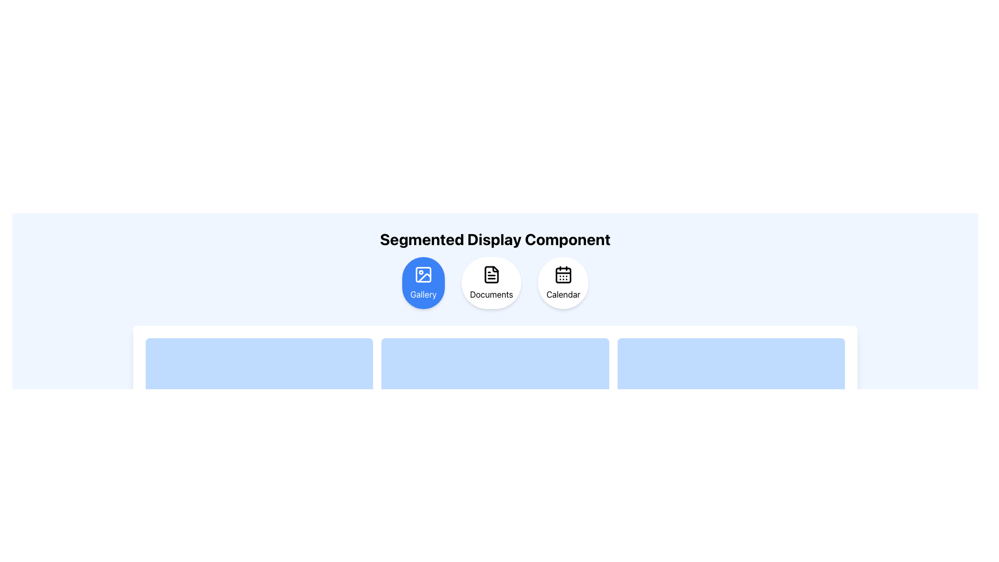 The width and height of the screenshot is (999, 562). What do you see at coordinates (494, 239) in the screenshot?
I see `the Text label that serves as a descriptive heading for the content section, positioned above the interactive icons 'Gallery,' 'Documents,' and 'Calendar.'` at bounding box center [494, 239].